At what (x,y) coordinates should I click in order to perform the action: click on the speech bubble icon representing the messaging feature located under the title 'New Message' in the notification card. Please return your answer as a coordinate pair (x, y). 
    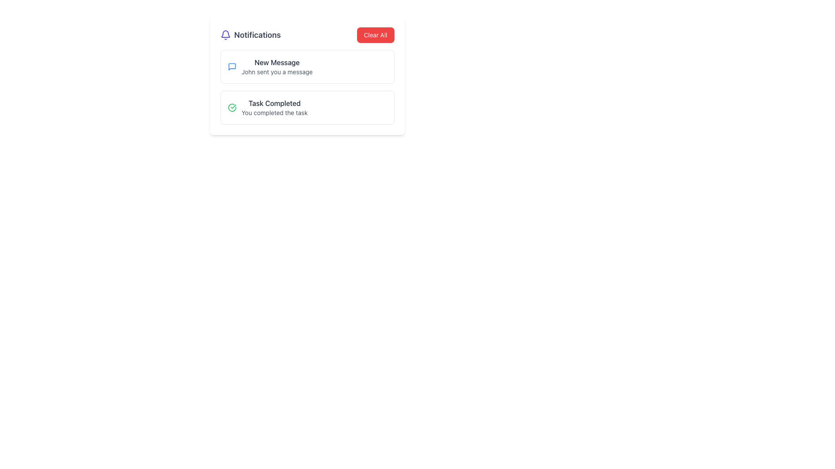
    Looking at the image, I should click on (232, 66).